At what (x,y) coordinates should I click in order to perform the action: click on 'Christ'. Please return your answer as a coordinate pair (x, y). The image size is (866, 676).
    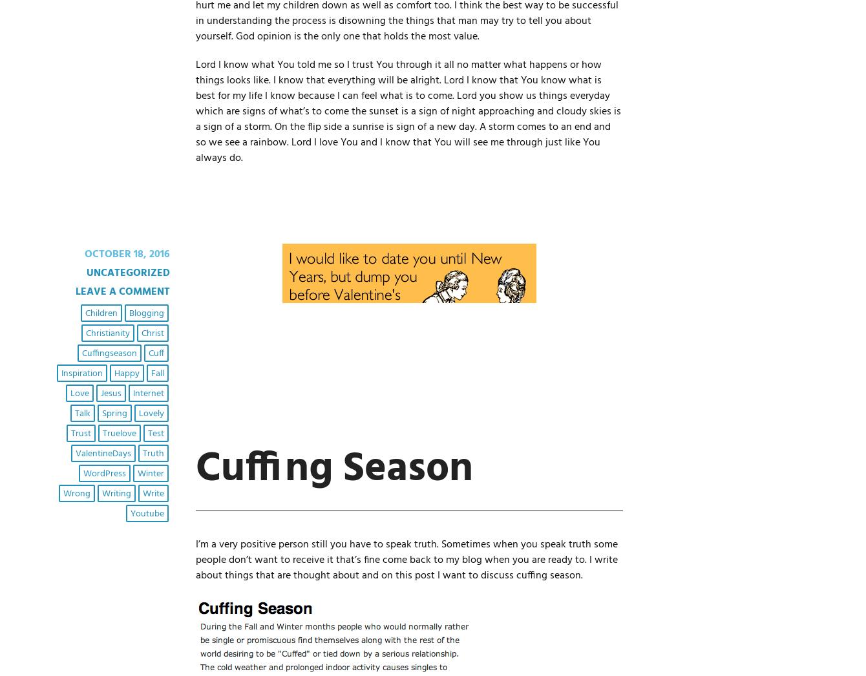
    Looking at the image, I should click on (140, 333).